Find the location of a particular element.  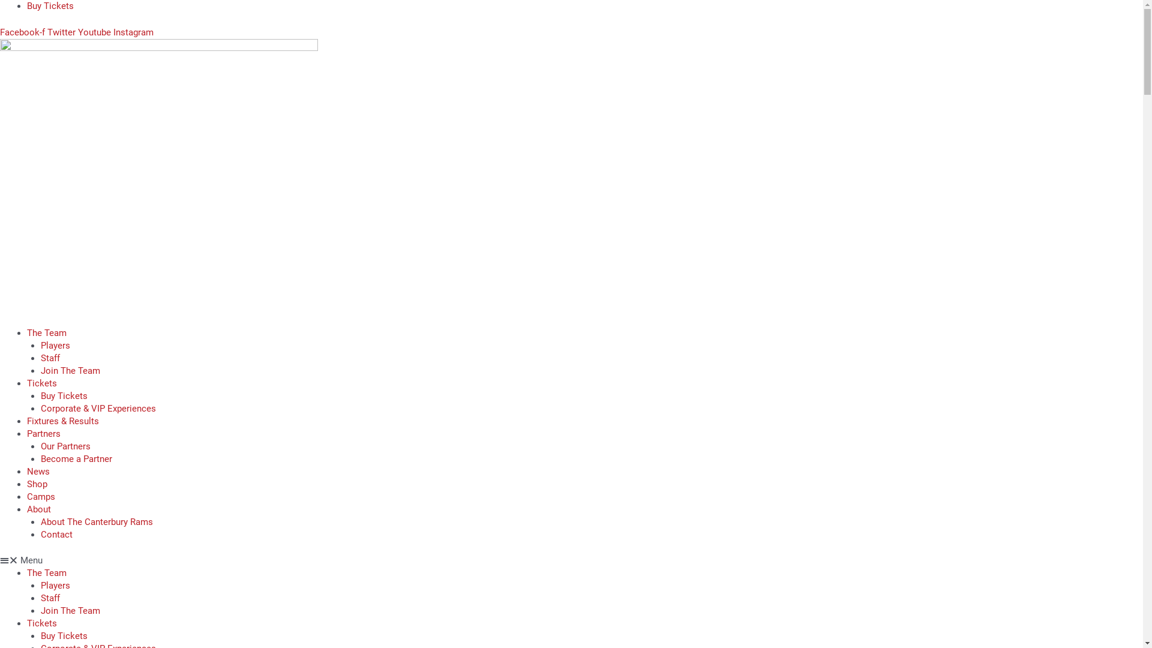

'Twitter' is located at coordinates (47, 31).